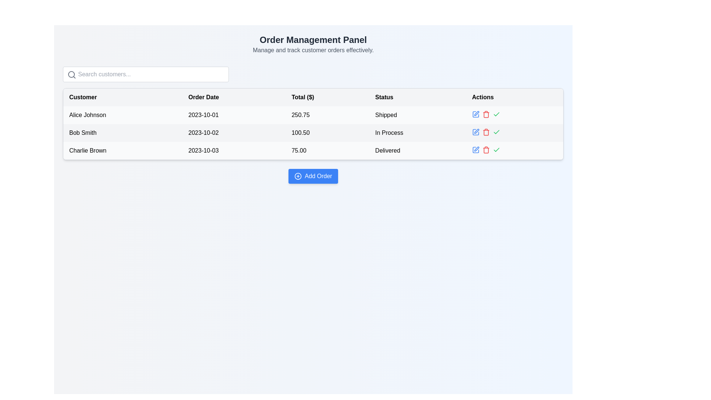  Describe the element at coordinates (475, 114) in the screenshot. I see `the edit button located in the 'Actions' column of the first row in the table` at that location.